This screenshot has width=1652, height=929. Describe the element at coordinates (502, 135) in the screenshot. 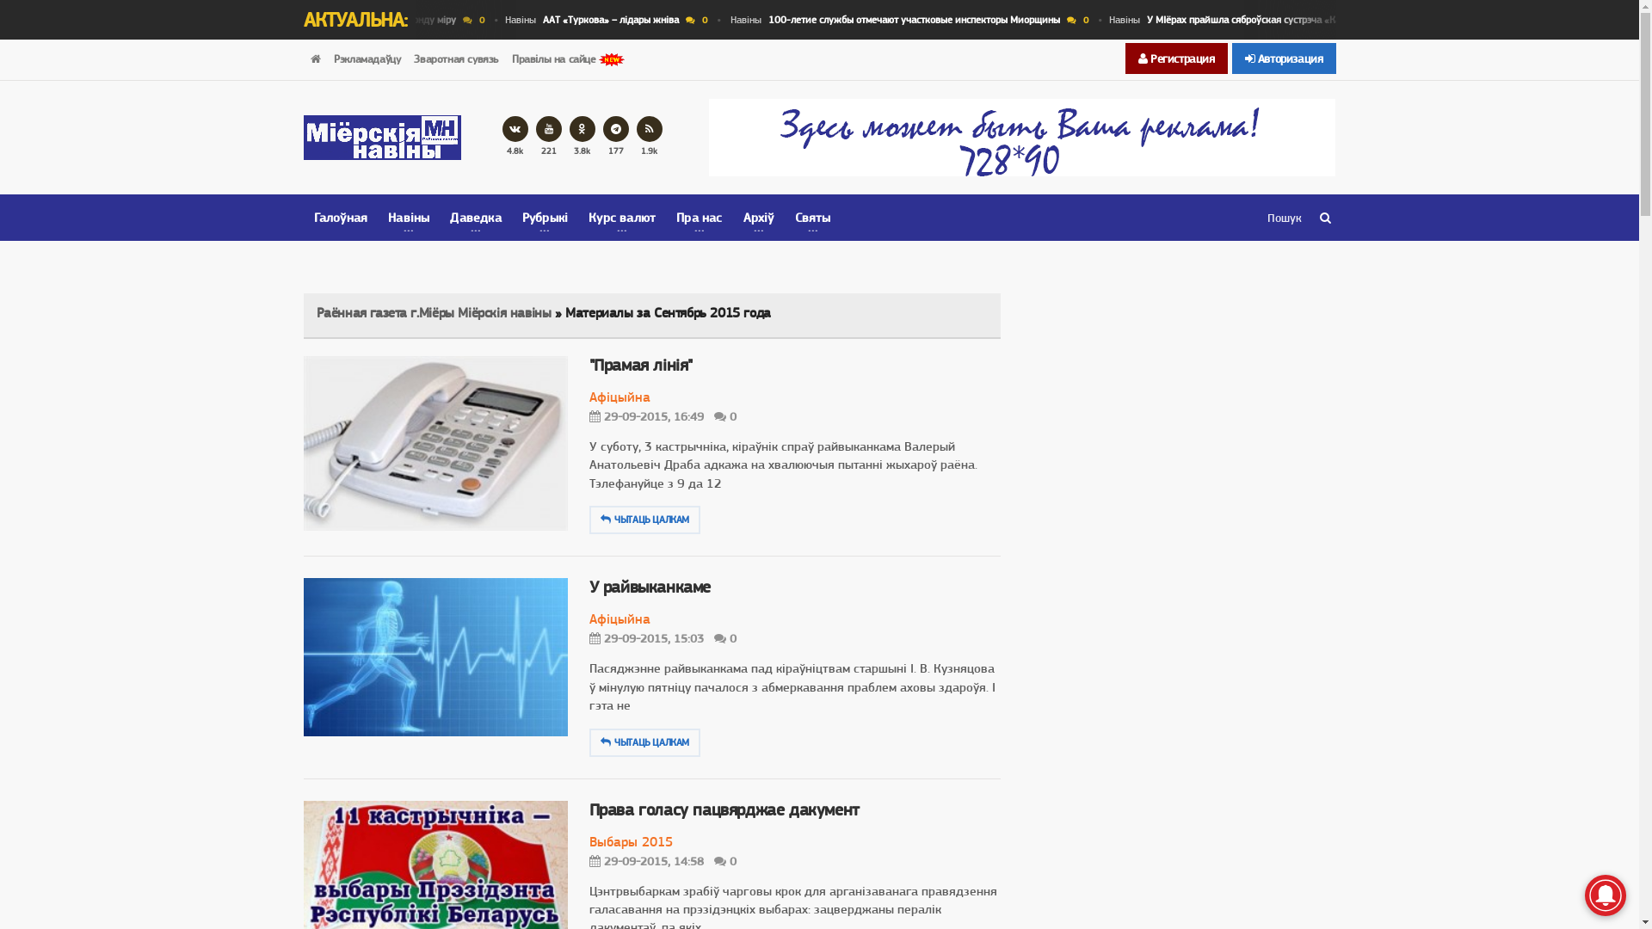

I see `'4.8k'` at that location.